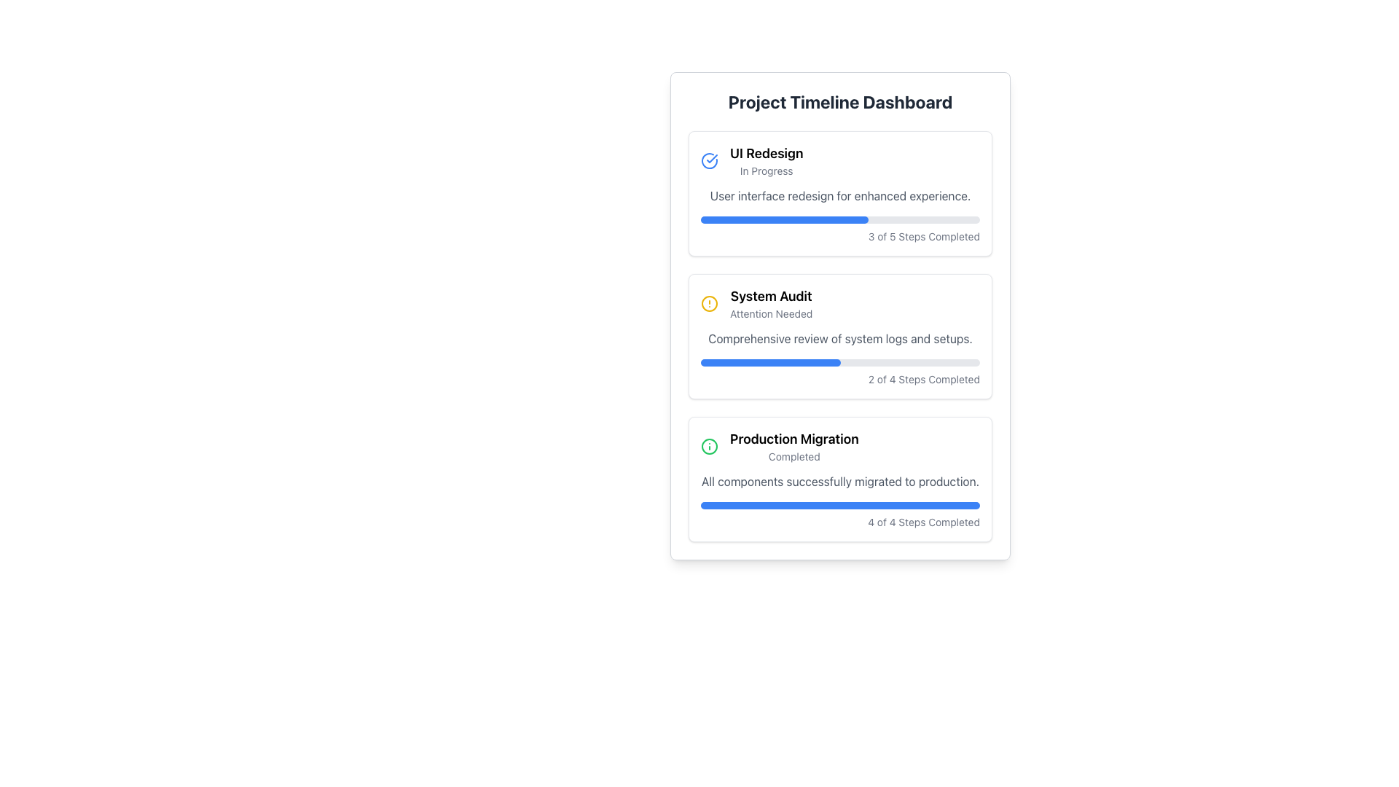 This screenshot has height=787, width=1399. I want to click on the green-colored information icon, which is circular and outlined, located to the far left of the 'Production Migration' text in the 'Completed' status section of the last item in the list, so click(710, 446).